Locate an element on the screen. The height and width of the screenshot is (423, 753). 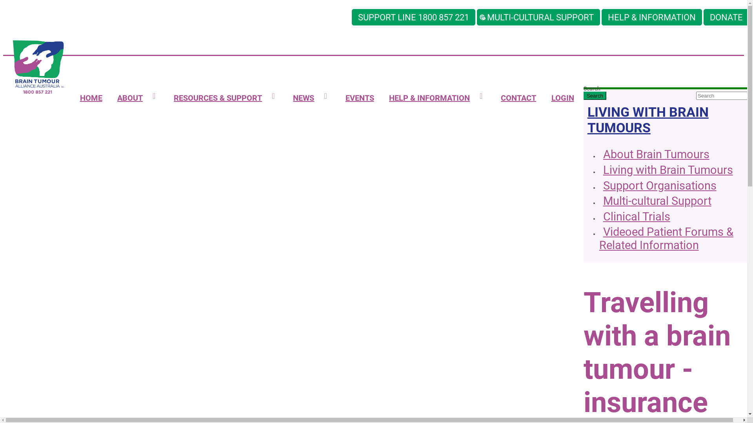
'LOGIN' is located at coordinates (562, 98).